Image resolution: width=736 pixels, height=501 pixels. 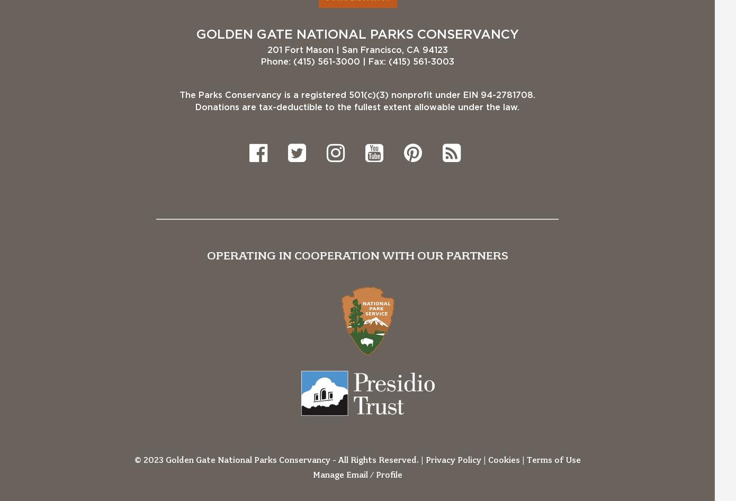 I want to click on 'Phone: (415) 561-3000', so click(x=311, y=61).